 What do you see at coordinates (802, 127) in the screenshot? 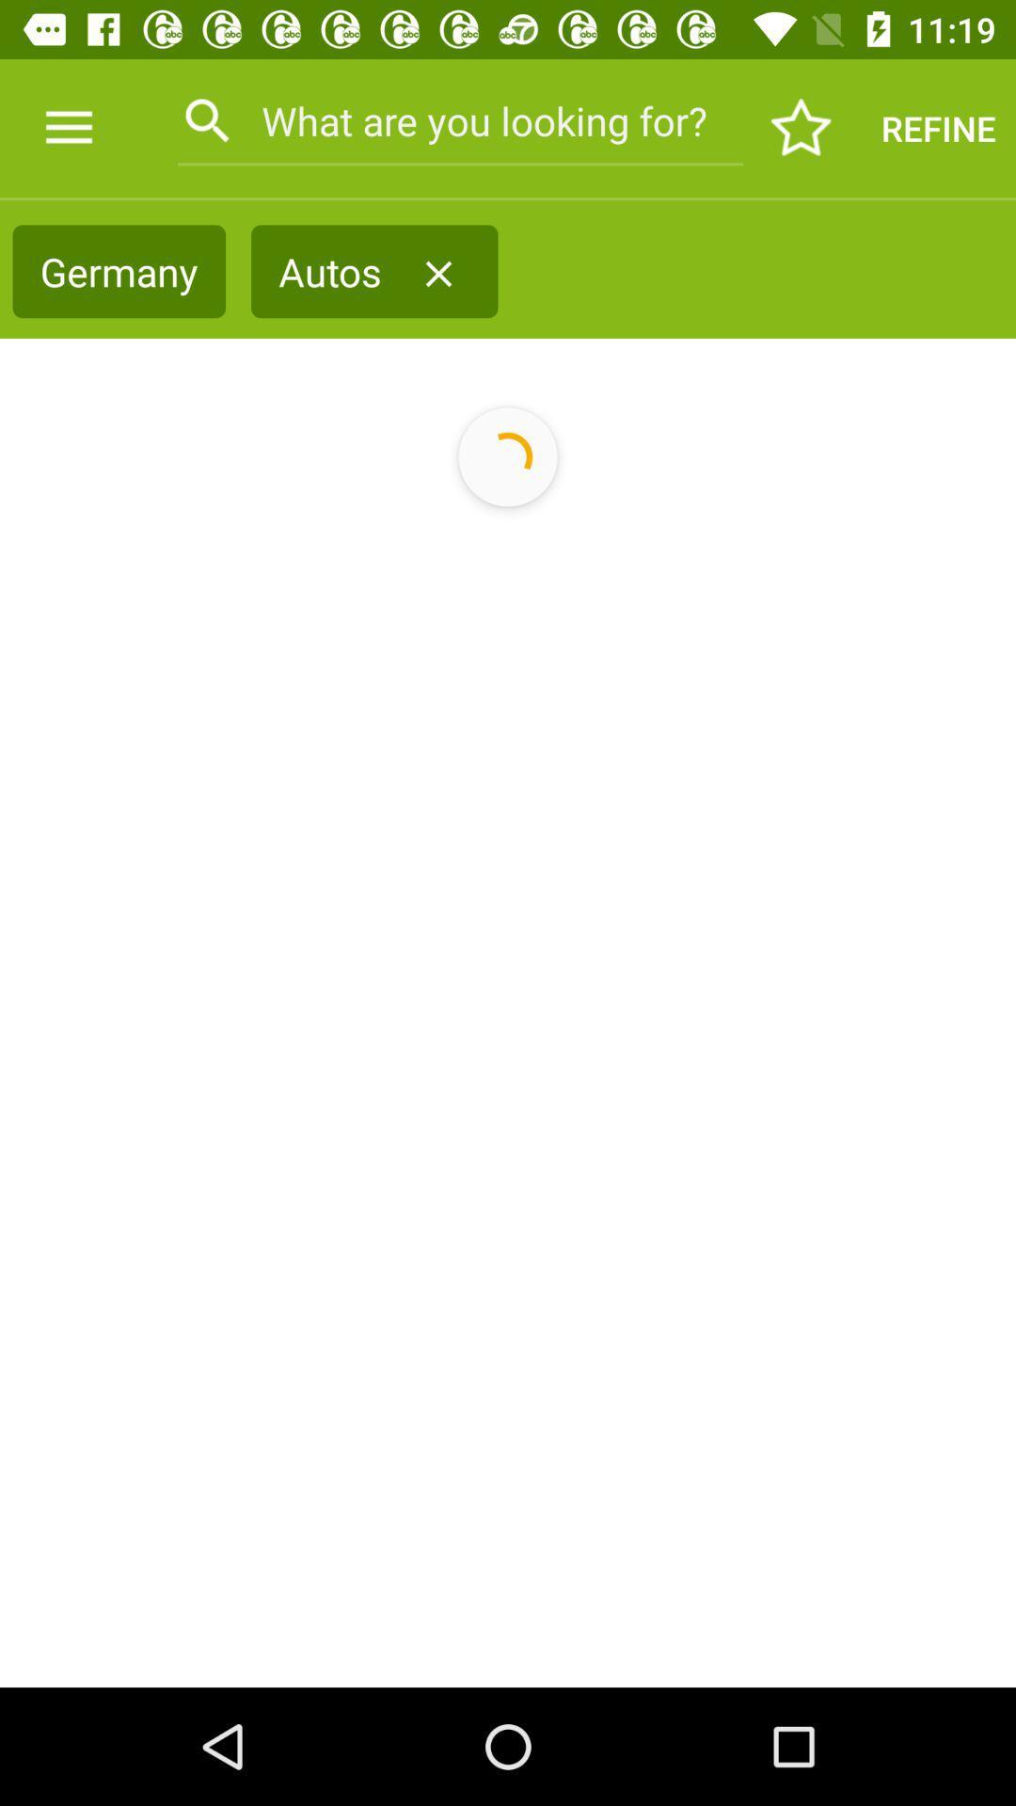
I see `icon to the right of the what are you icon` at bounding box center [802, 127].